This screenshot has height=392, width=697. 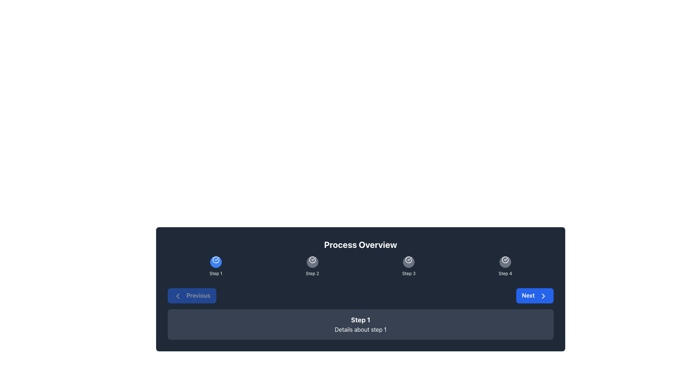 I want to click on the circular blue icon with a white checkmark that indicates a completed step, which is aligned with the text 'Step 1' below it in the progress tracker, so click(x=215, y=262).